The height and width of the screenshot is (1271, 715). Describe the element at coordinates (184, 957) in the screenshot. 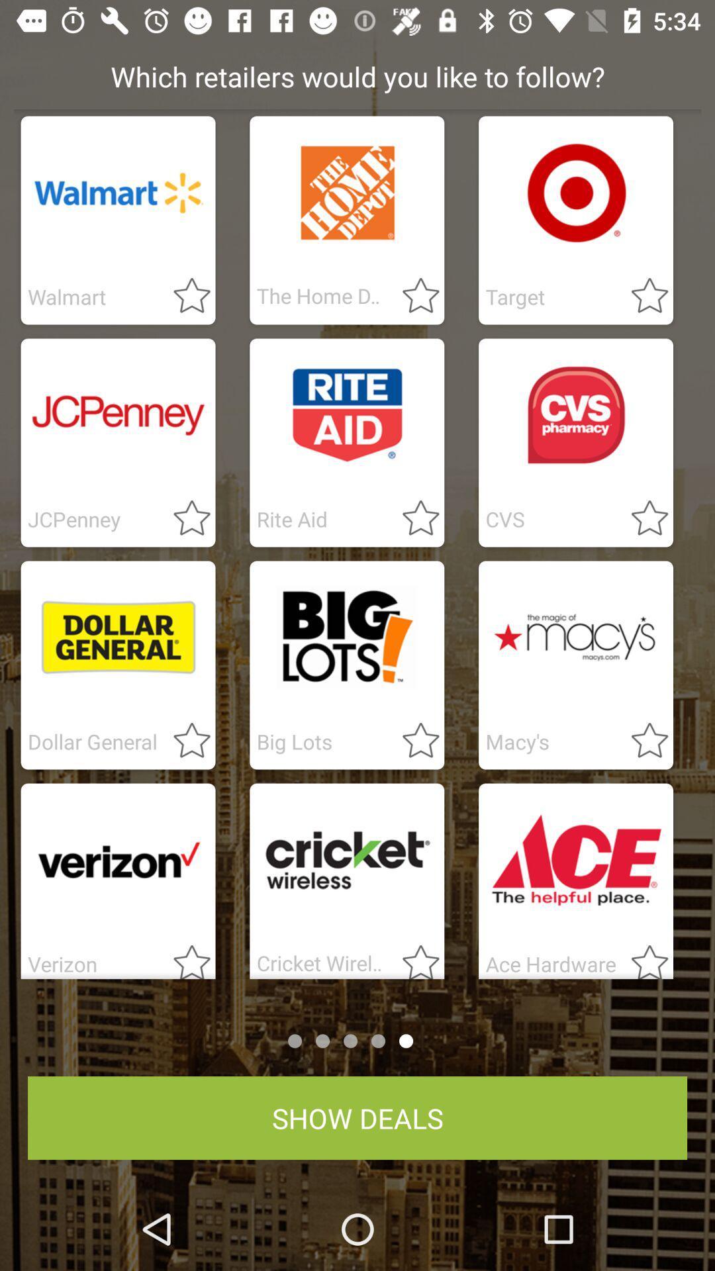

I see `verizon as a favorite` at that location.